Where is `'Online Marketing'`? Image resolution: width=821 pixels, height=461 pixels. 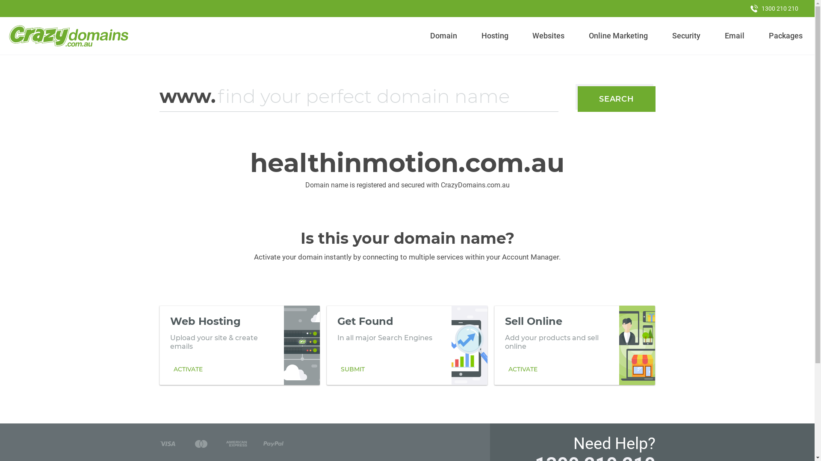 'Online Marketing' is located at coordinates (585, 35).